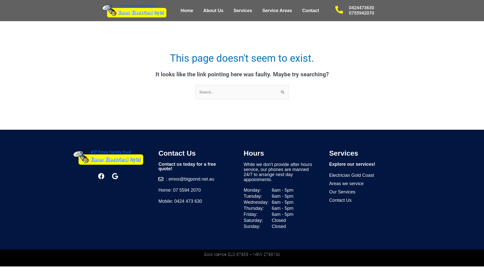  What do you see at coordinates (253, 254) in the screenshot?
I see `'NSW 276913c'` at bounding box center [253, 254].